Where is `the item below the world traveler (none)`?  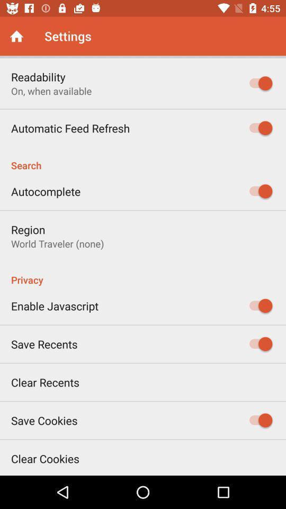
the item below the world traveler (none) is located at coordinates (143, 274).